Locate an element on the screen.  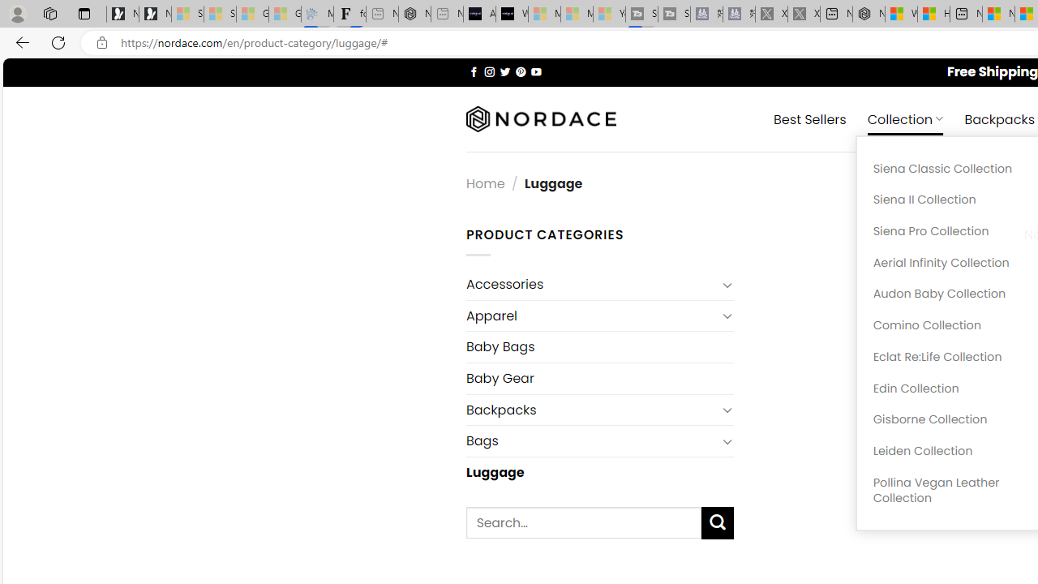
'Nordace' is located at coordinates (541, 118).